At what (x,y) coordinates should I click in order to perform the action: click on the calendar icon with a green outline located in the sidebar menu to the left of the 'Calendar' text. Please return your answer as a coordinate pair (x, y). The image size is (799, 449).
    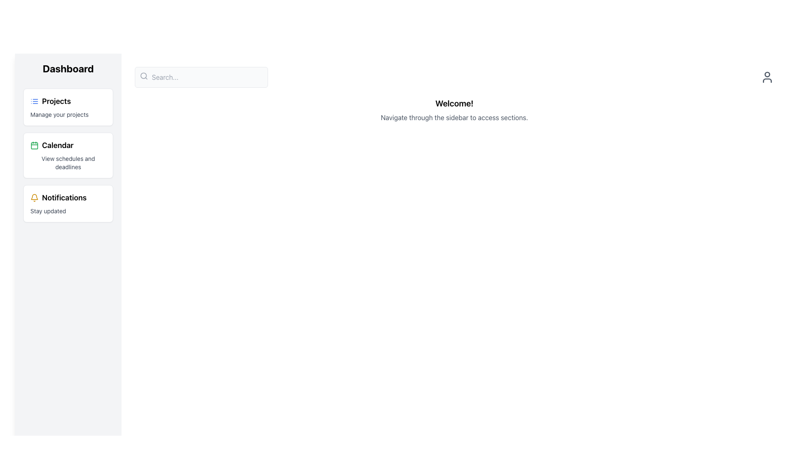
    Looking at the image, I should click on (34, 145).